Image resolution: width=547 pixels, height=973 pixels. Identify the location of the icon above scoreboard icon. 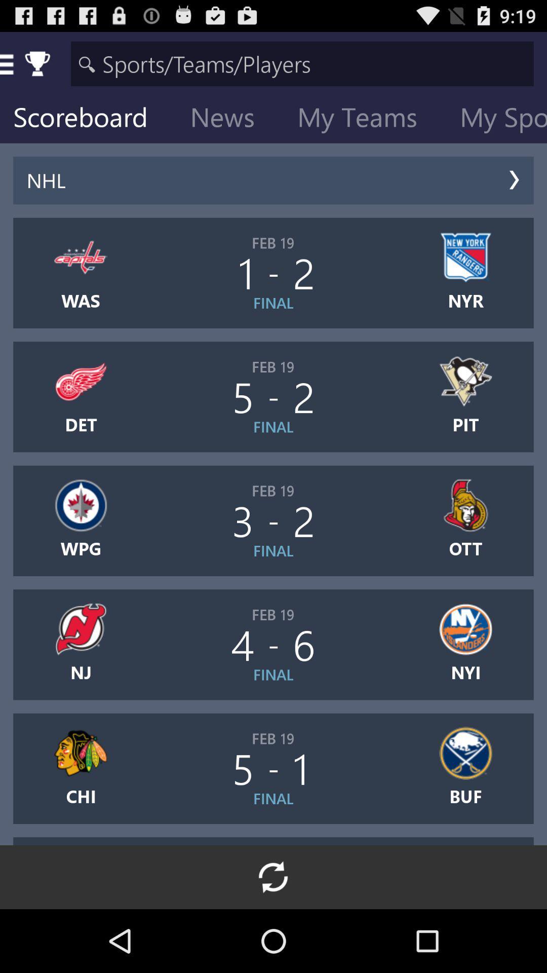
(302, 63).